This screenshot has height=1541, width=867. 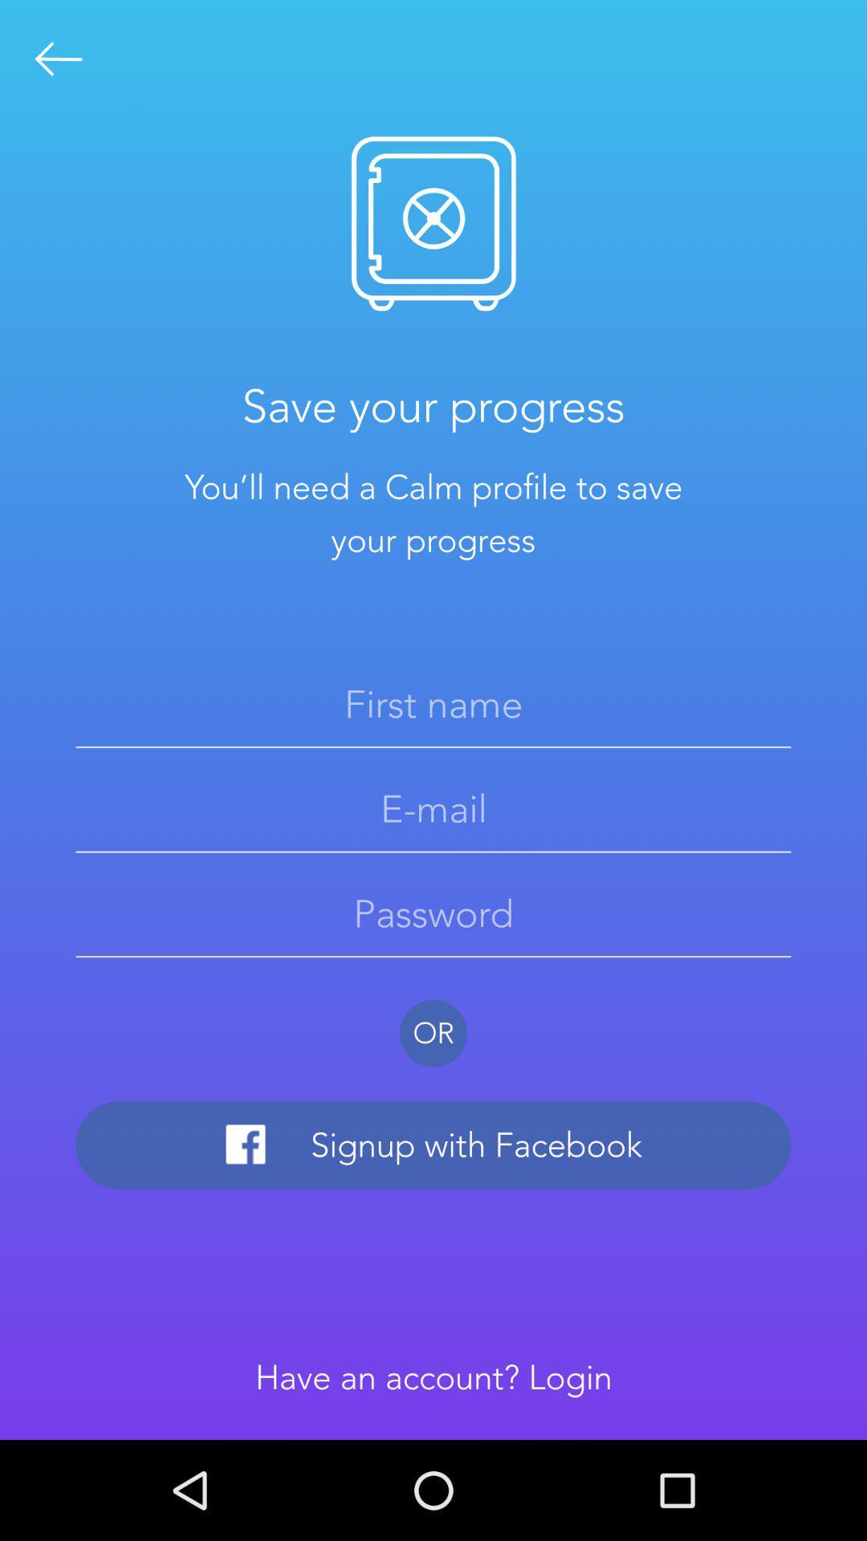 I want to click on input first name, so click(x=433, y=704).